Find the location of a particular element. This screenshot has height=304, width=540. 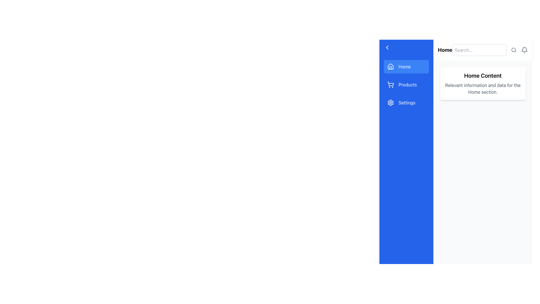

text content of the light gray textual content block displaying 'Relevant information and data for the Home section.' located below the 'Home Content' header is located at coordinates (483, 89).